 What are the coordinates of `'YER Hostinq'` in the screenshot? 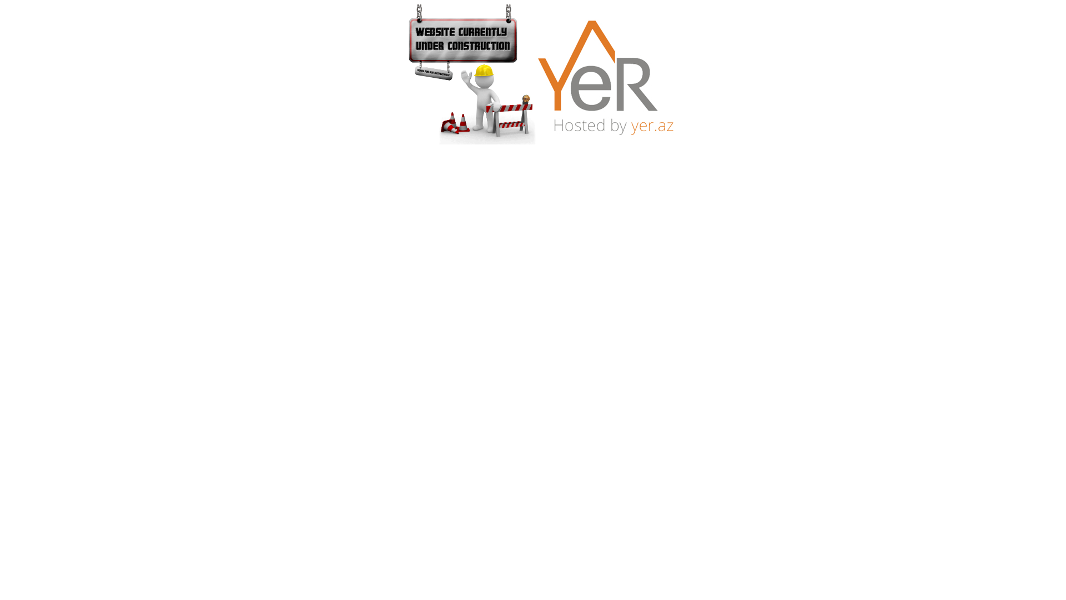 It's located at (605, 75).